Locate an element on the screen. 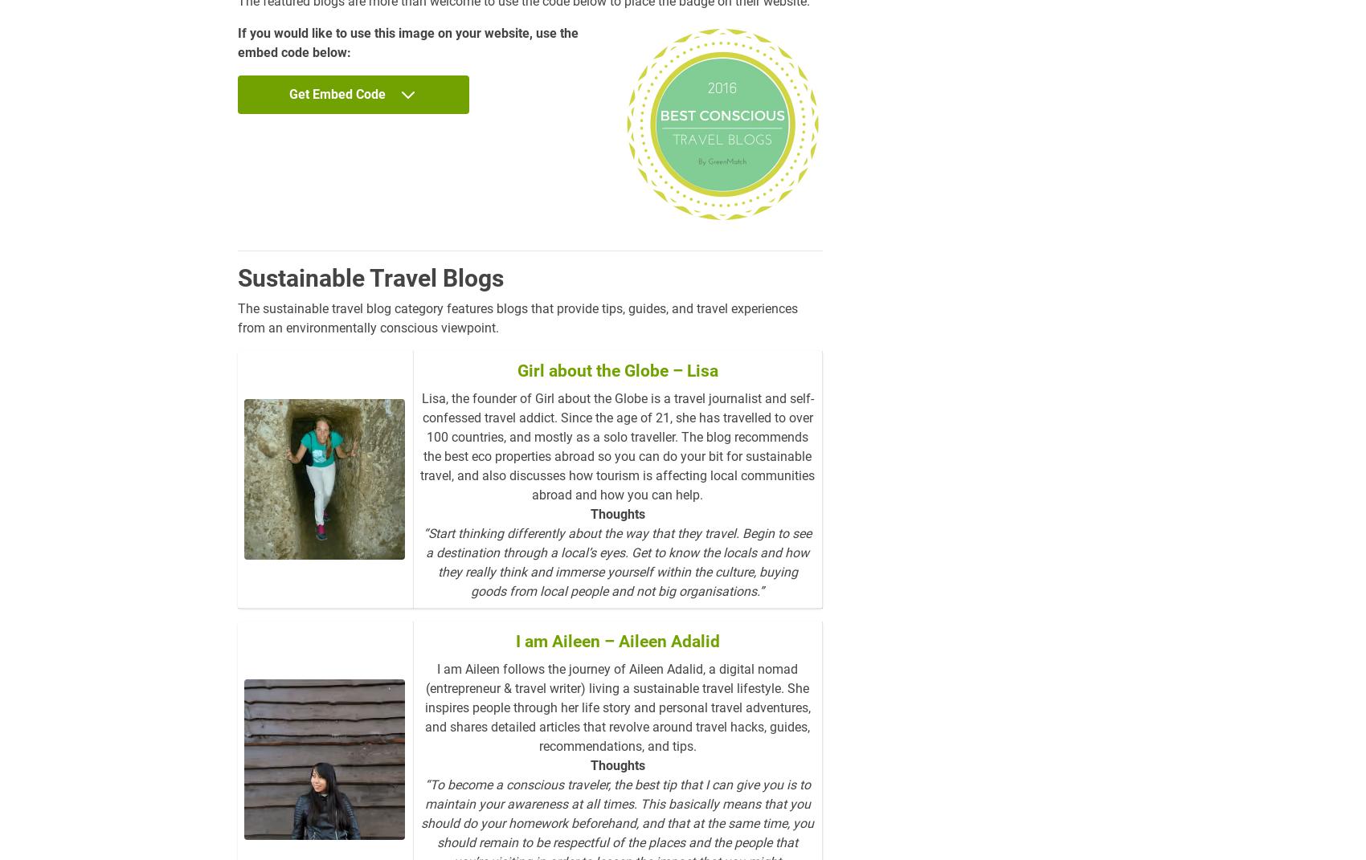 This screenshot has height=860, width=1366. 'Get Embed Code' is located at coordinates (337, 94).